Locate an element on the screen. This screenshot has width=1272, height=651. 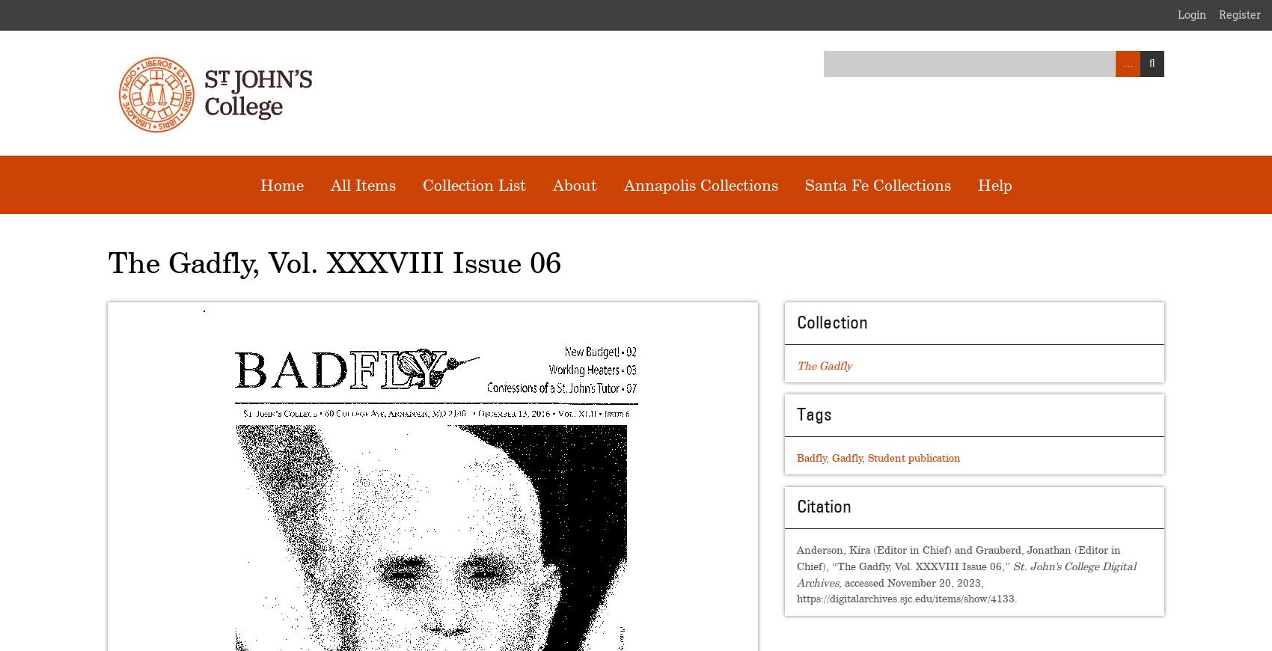
'The Gadfly, Vol. XXXVIII Issue 06' is located at coordinates (334, 262).